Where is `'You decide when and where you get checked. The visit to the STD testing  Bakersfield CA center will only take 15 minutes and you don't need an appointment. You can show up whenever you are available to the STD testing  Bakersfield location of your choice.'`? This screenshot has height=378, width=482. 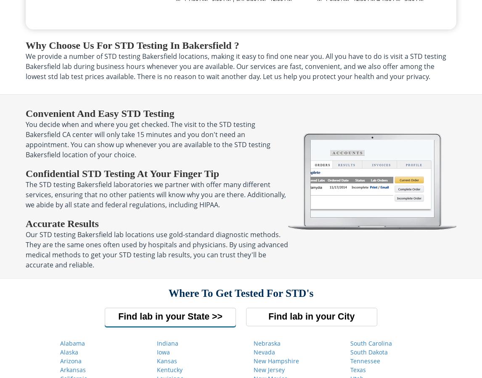 'You decide when and where you get checked. The visit to the STD testing  Bakersfield CA center will only take 15 minutes and you don't need an appointment. You can show up whenever you are available to the STD testing  Bakersfield location of your choice.' is located at coordinates (25, 139).